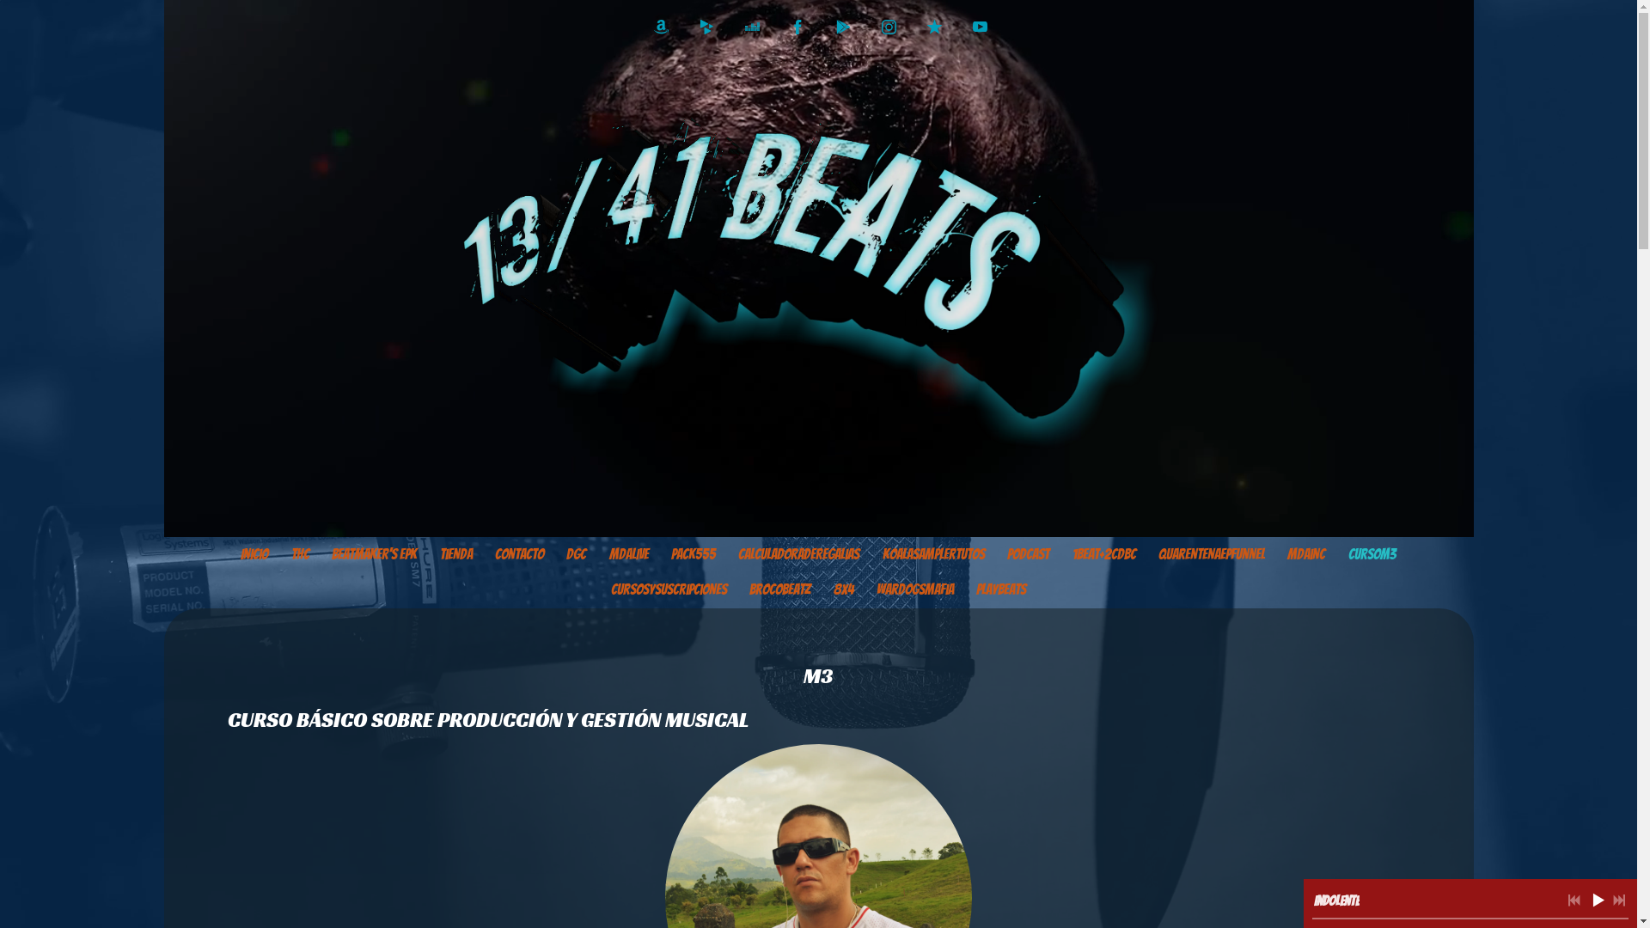  What do you see at coordinates (882, 27) in the screenshot?
I see `'http://instagram.com/kabstermda'` at bounding box center [882, 27].